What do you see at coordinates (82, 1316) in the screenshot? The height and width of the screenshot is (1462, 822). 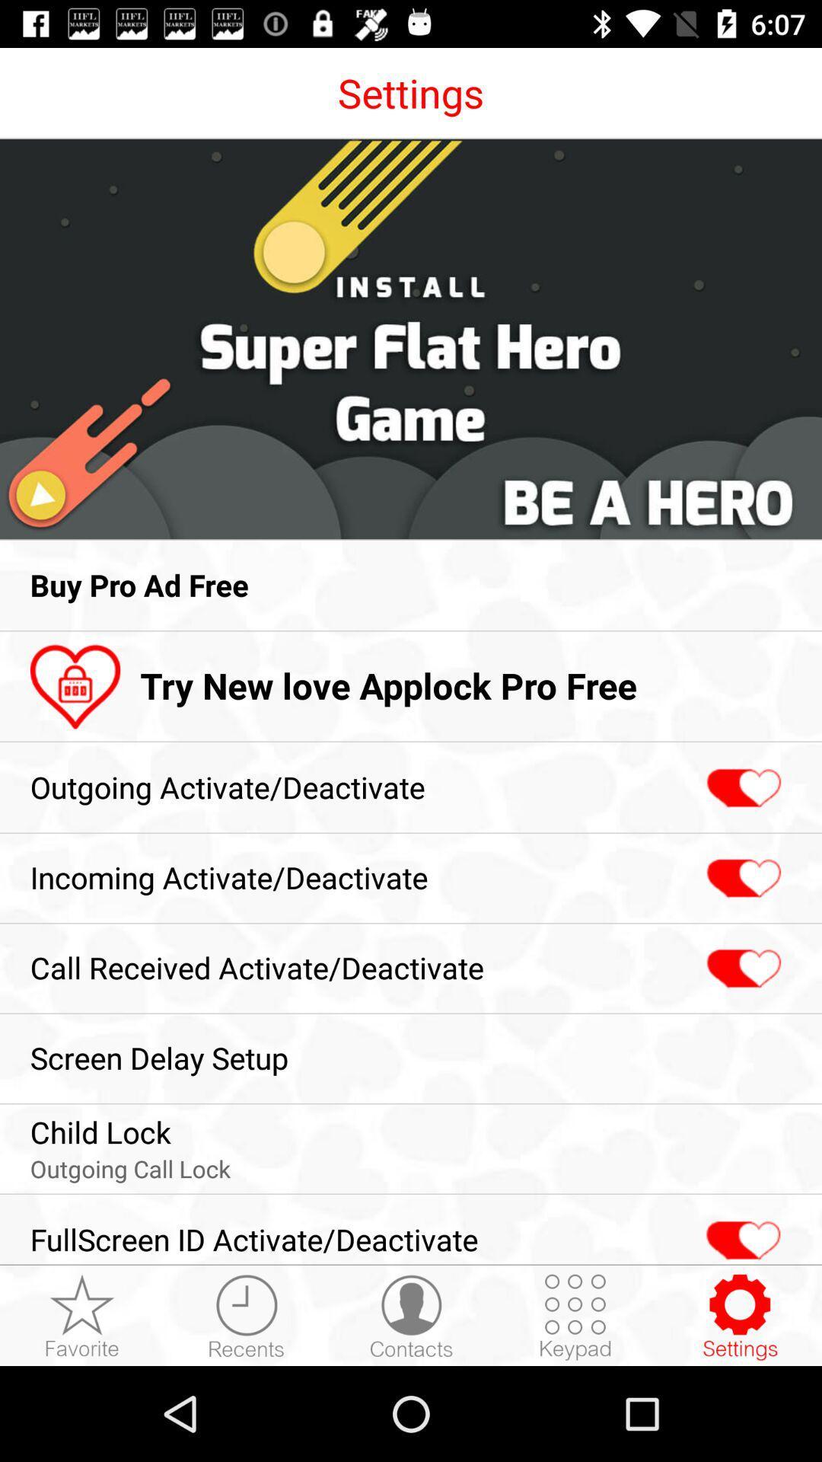 I see `a tab for the user favourite calls` at bounding box center [82, 1316].